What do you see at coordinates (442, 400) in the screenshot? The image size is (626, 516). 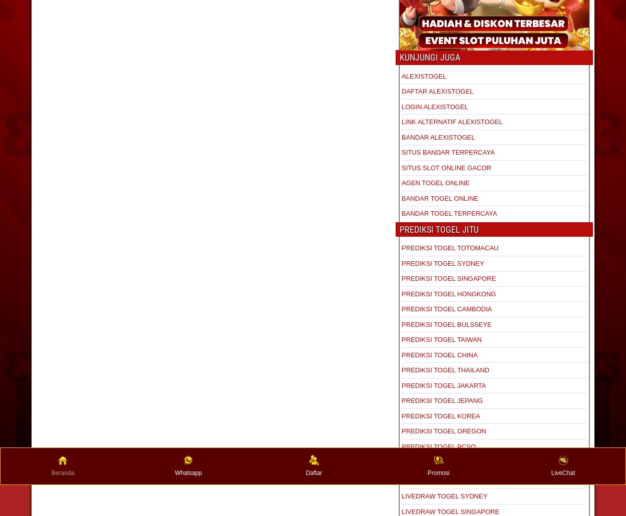 I see `'PREDIKSI TOGEL JEPANG'` at bounding box center [442, 400].